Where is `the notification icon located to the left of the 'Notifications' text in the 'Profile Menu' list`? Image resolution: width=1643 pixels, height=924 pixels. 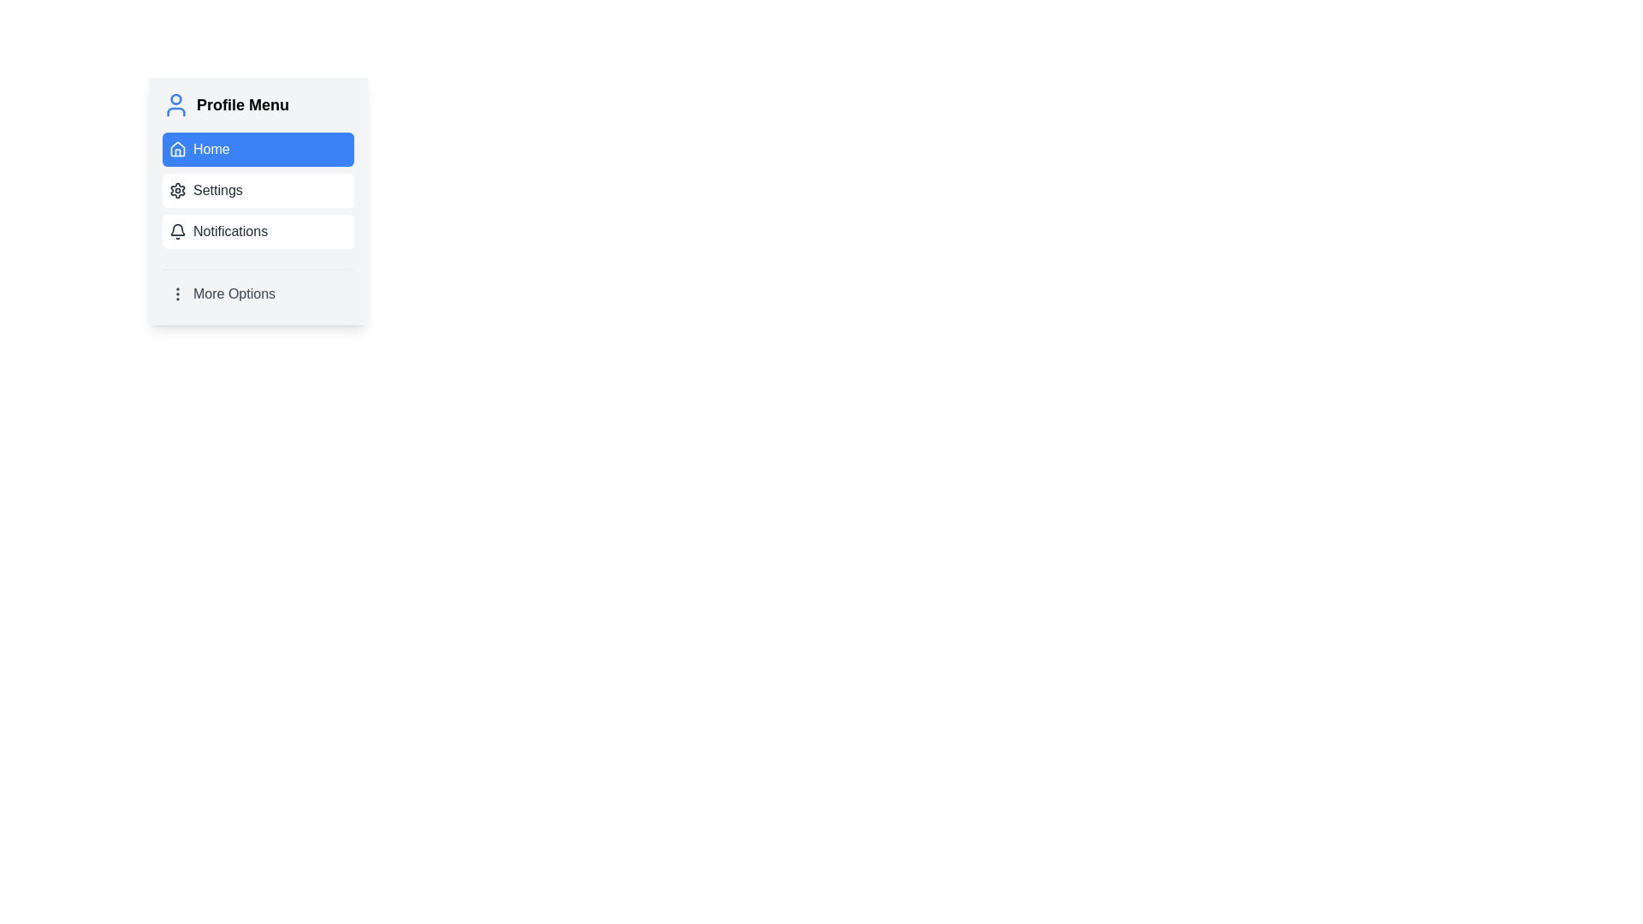
the notification icon located to the left of the 'Notifications' text in the 'Profile Menu' list is located at coordinates (177, 231).